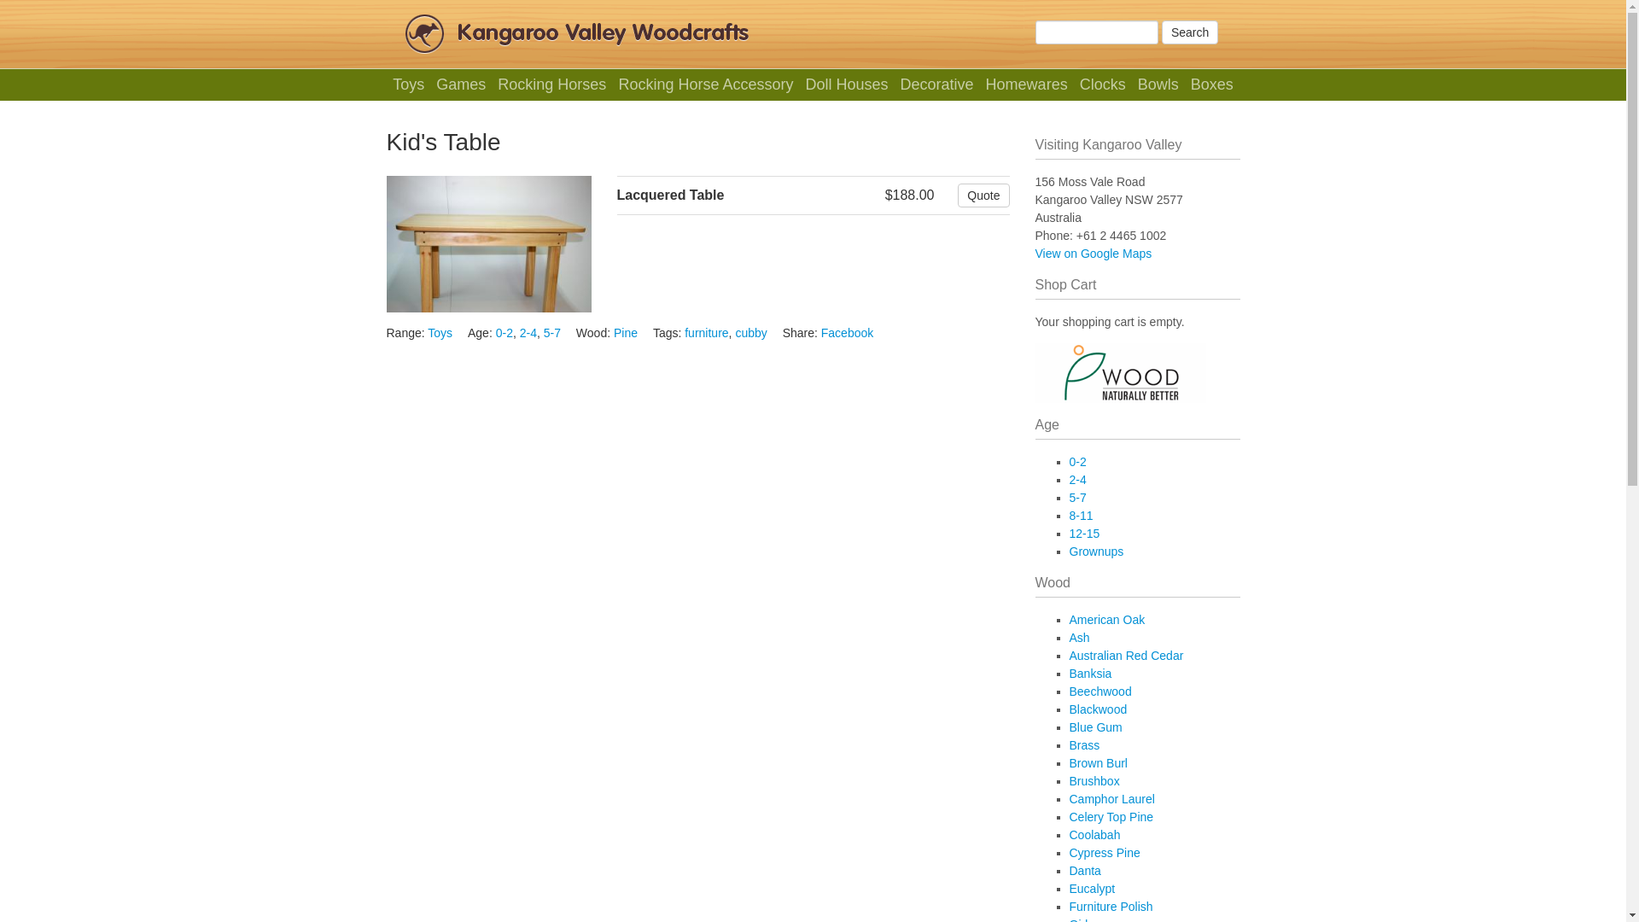 This screenshot has width=1639, height=922. What do you see at coordinates (1068, 780) in the screenshot?
I see `'Brushbox'` at bounding box center [1068, 780].